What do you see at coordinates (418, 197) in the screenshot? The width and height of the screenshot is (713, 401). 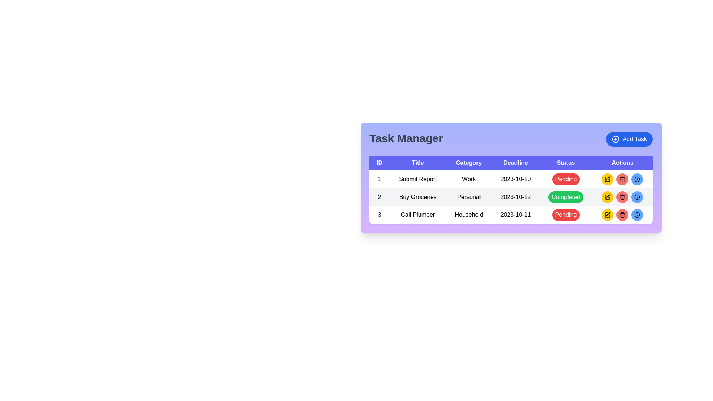 I see `the 'Buy Groceries' text label, which is the second item under the 'Title' column in the Task Manager section, displayed in black on a light gray background` at bounding box center [418, 197].